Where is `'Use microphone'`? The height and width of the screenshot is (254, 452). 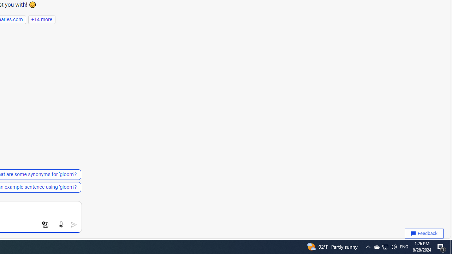 'Use microphone' is located at coordinates (61, 225).